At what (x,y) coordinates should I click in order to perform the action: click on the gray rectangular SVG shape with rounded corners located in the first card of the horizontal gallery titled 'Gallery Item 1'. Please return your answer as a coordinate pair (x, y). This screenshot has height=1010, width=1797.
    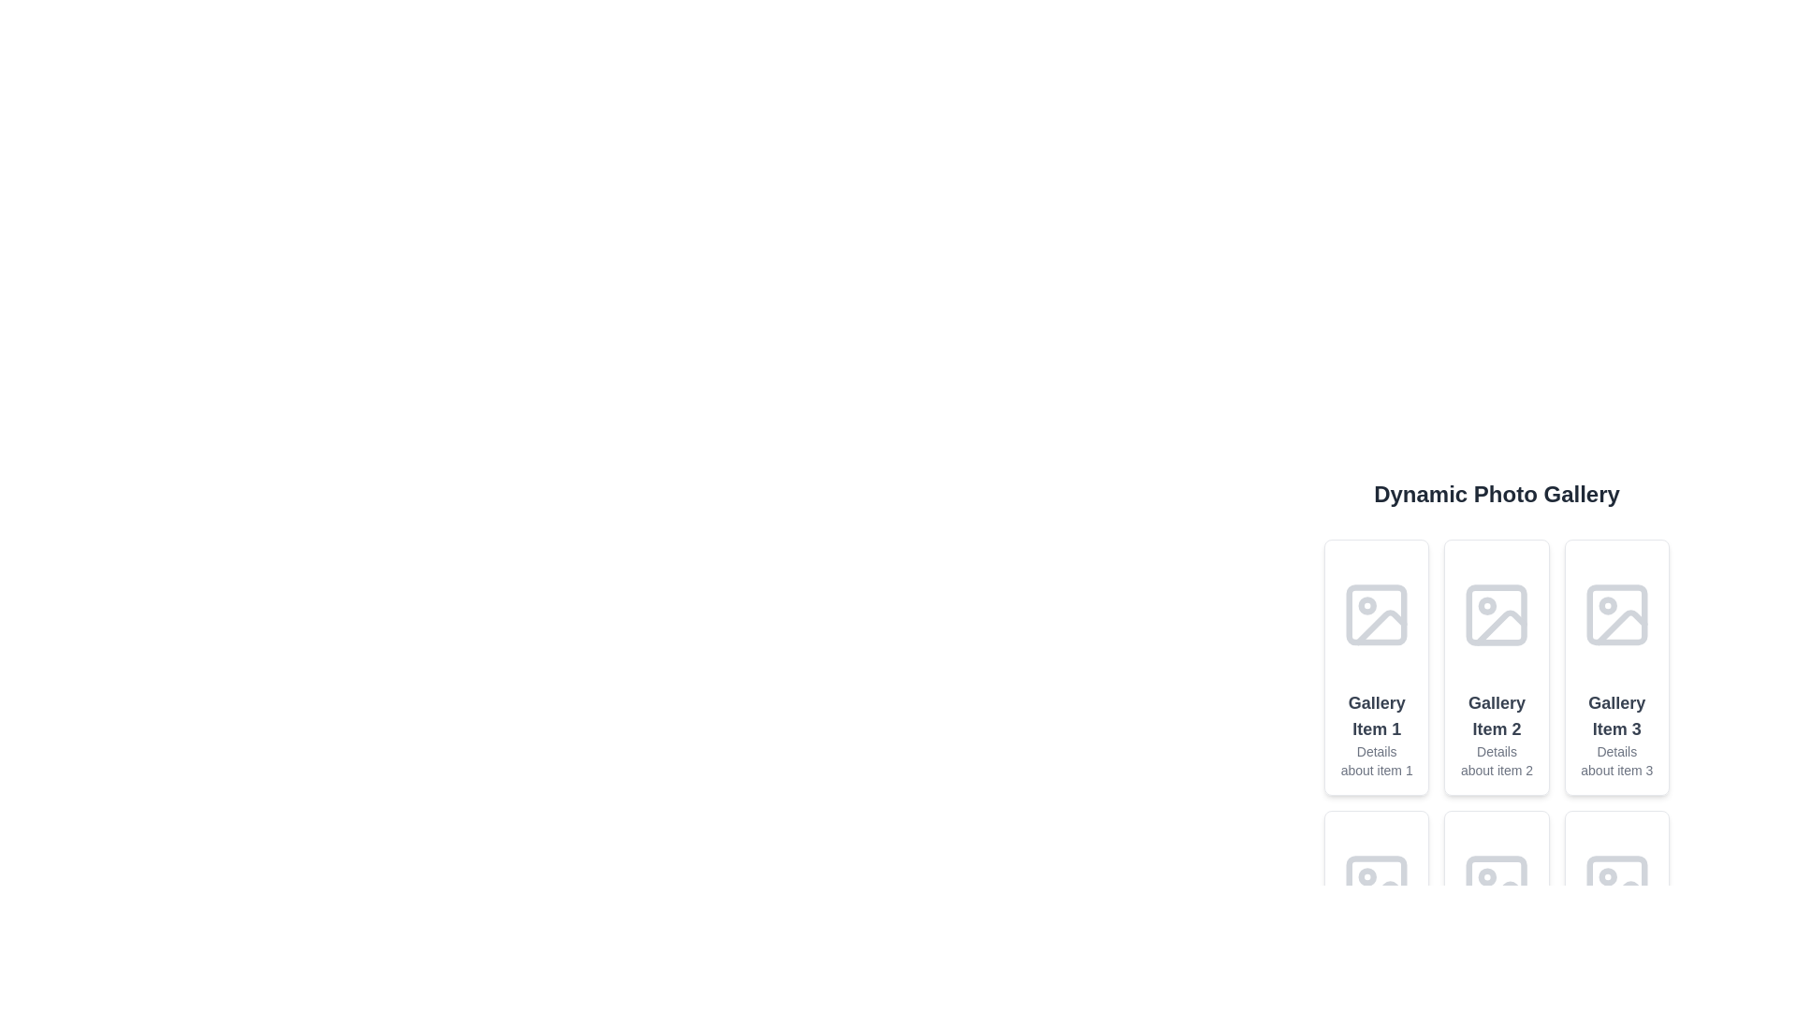
    Looking at the image, I should click on (1377, 615).